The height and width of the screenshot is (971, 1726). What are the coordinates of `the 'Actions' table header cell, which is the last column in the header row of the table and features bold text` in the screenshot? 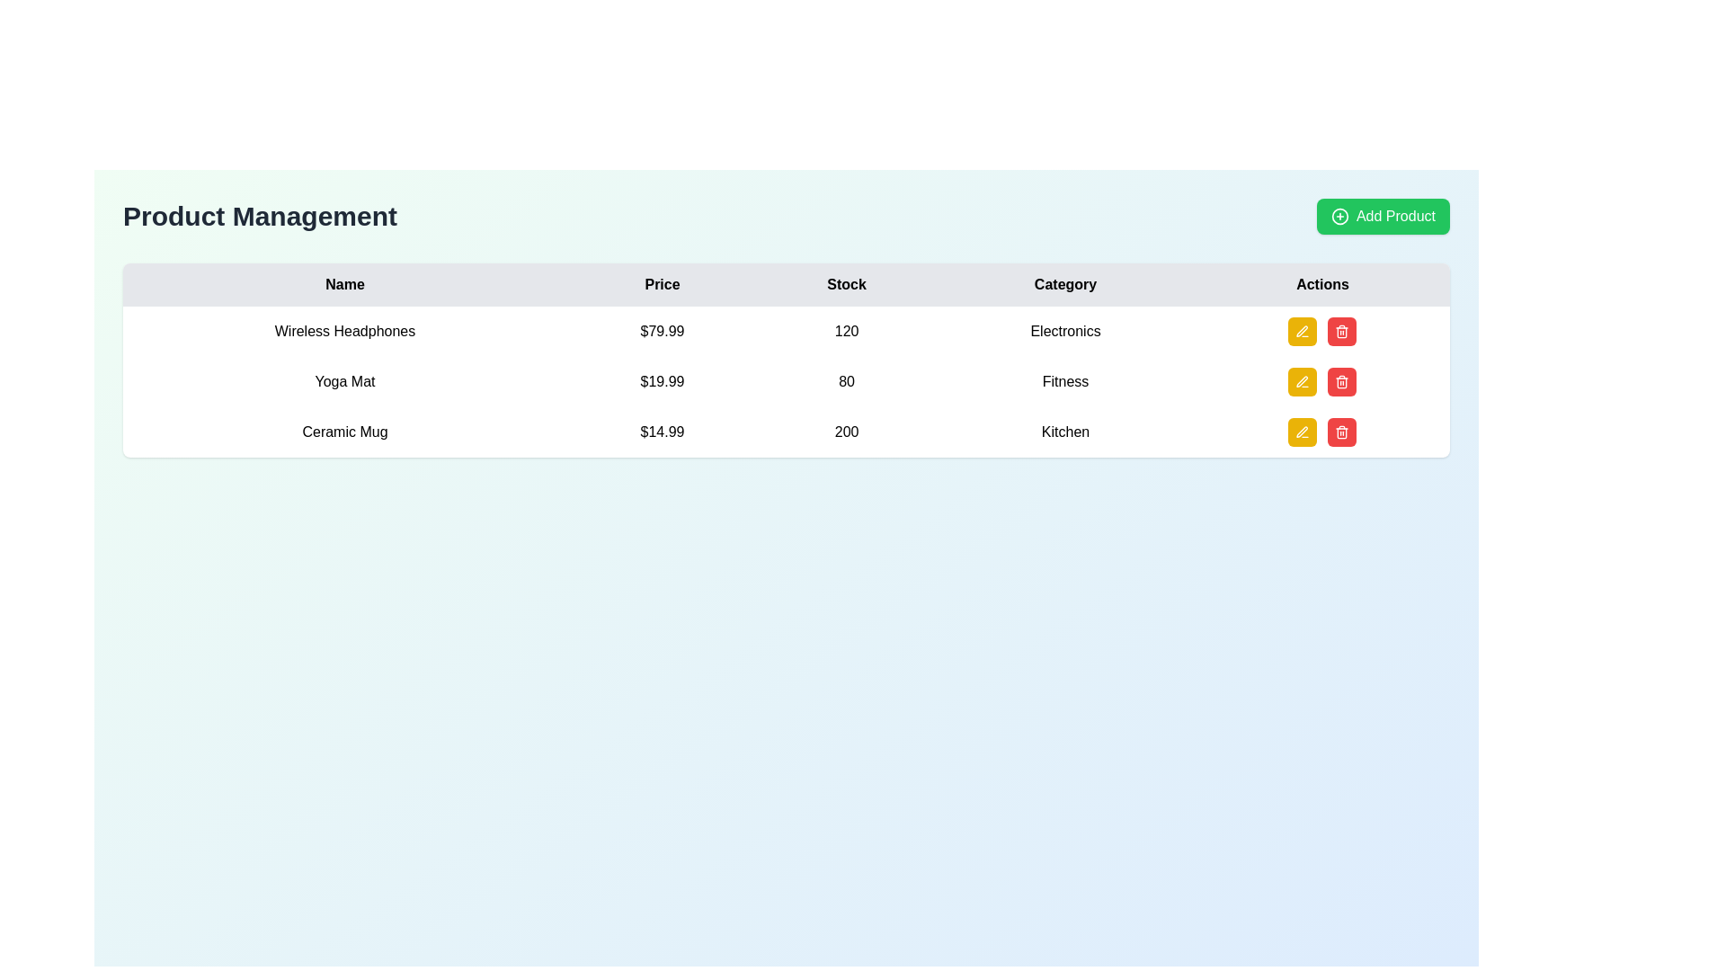 It's located at (1322, 283).